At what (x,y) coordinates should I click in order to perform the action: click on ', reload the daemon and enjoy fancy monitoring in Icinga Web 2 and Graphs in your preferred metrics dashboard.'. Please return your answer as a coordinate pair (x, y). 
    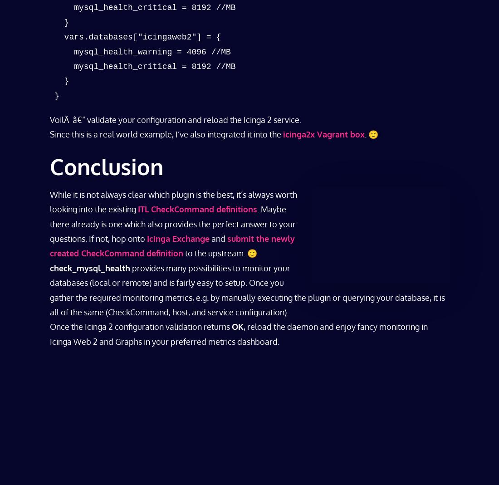
    Looking at the image, I should click on (239, 333).